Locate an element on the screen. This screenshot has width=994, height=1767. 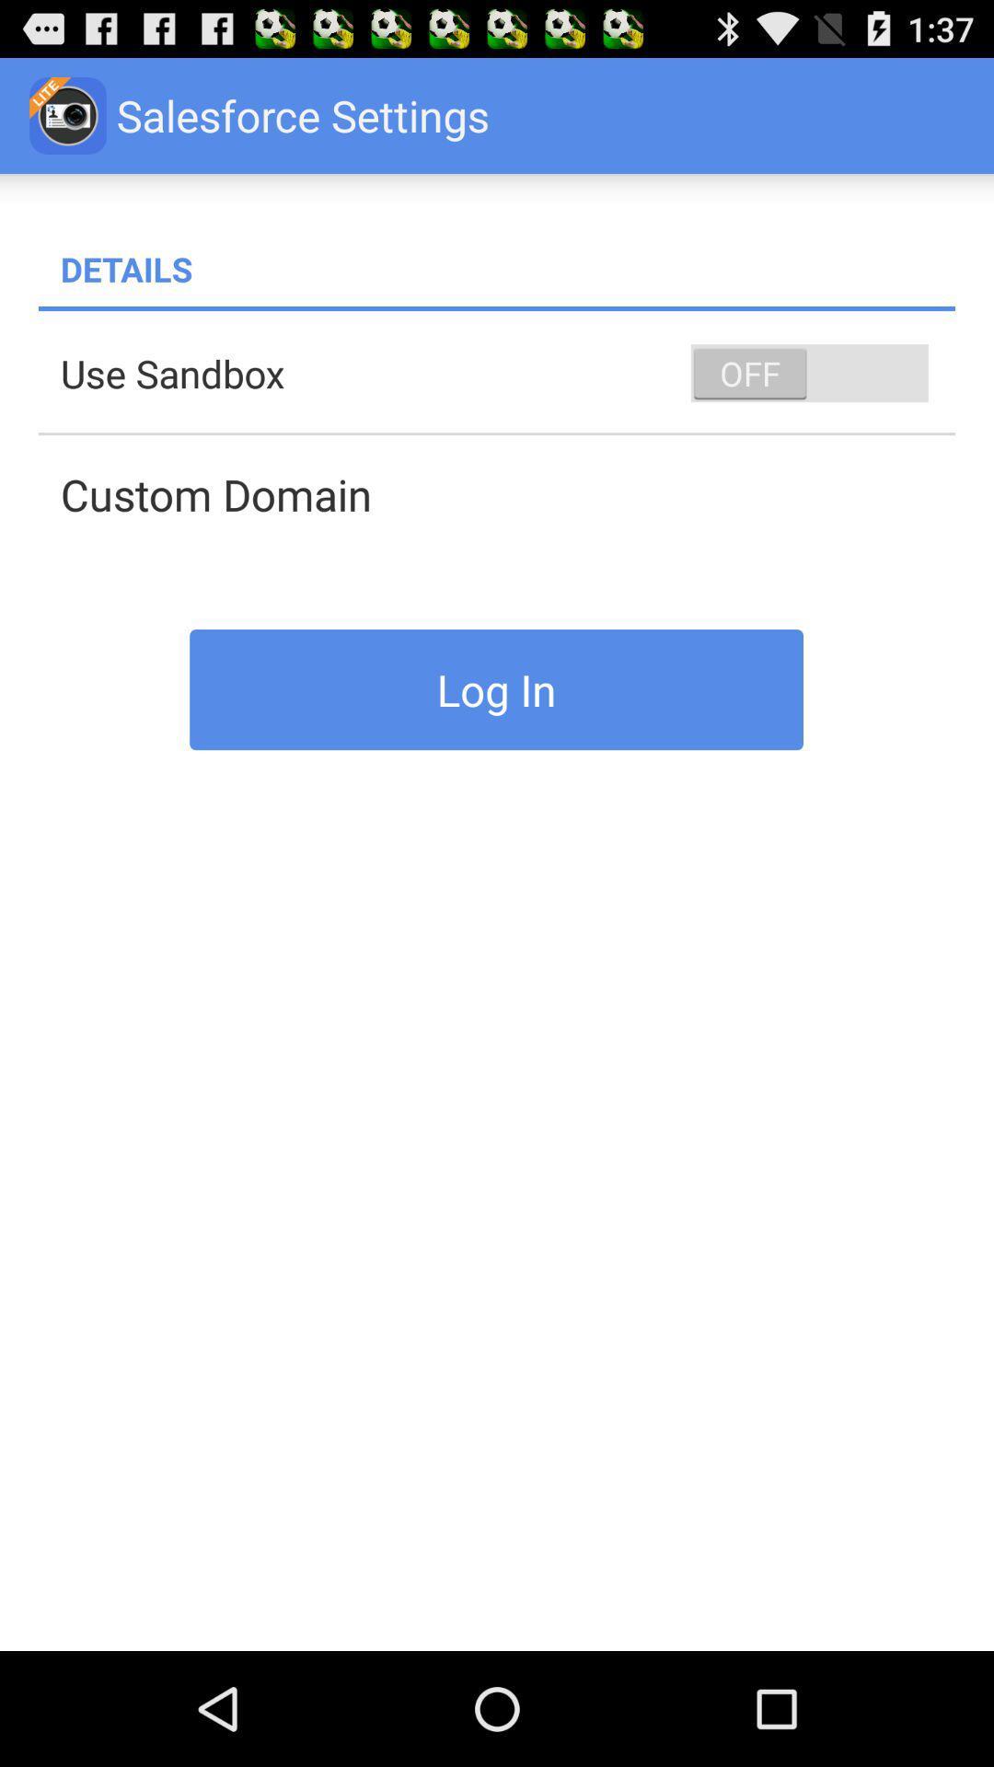
details is located at coordinates (507, 268).